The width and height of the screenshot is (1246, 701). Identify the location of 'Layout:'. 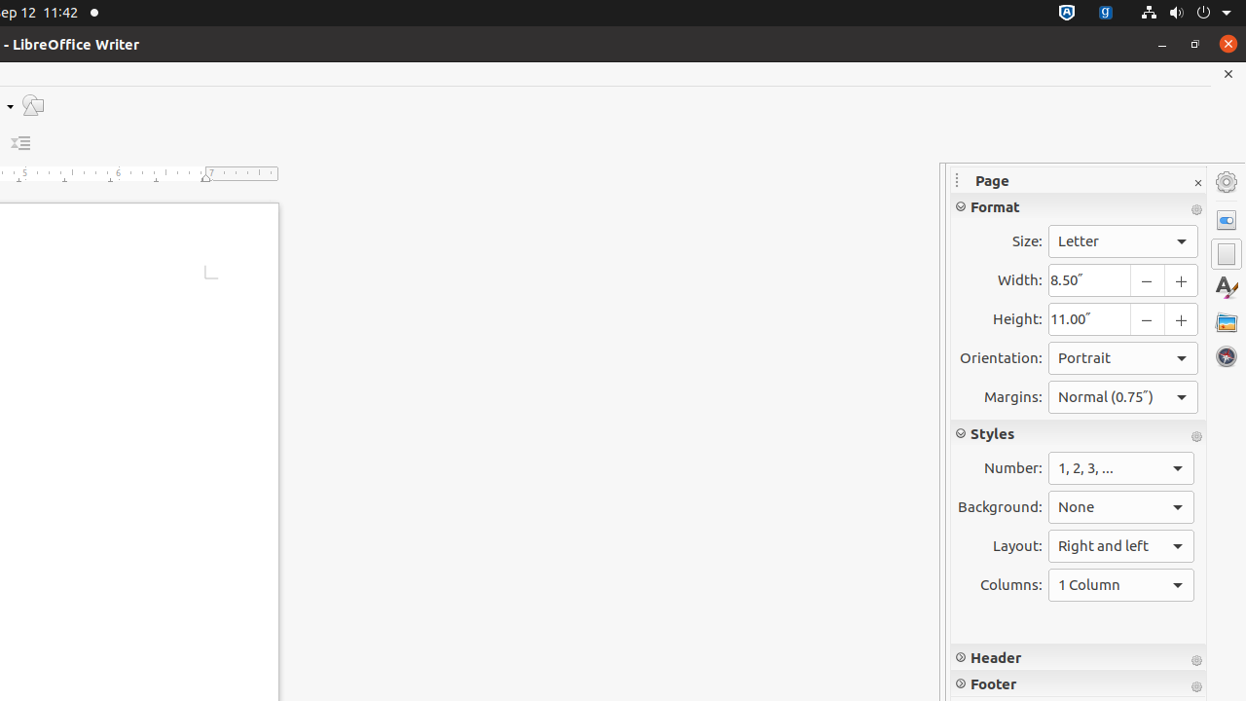
(1121, 546).